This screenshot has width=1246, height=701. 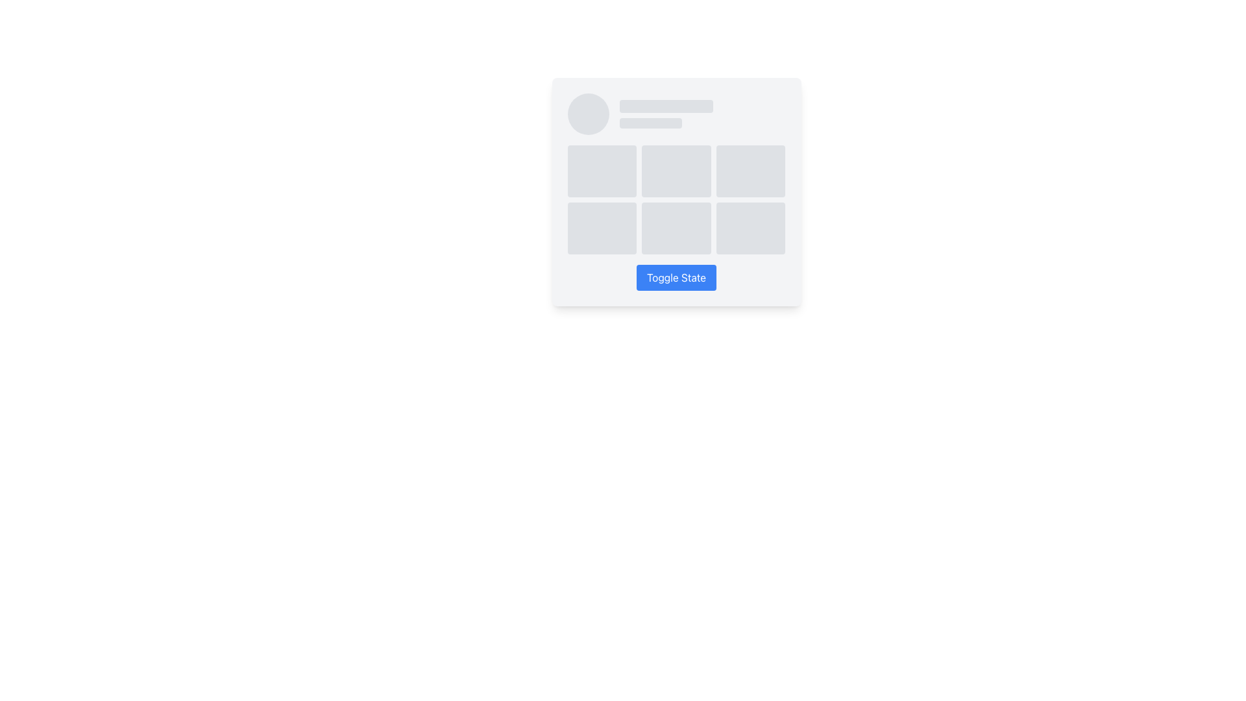 What do you see at coordinates (676, 277) in the screenshot?
I see `the interactive toggle button located at the bottom part of the card layout, centered horizontally` at bounding box center [676, 277].